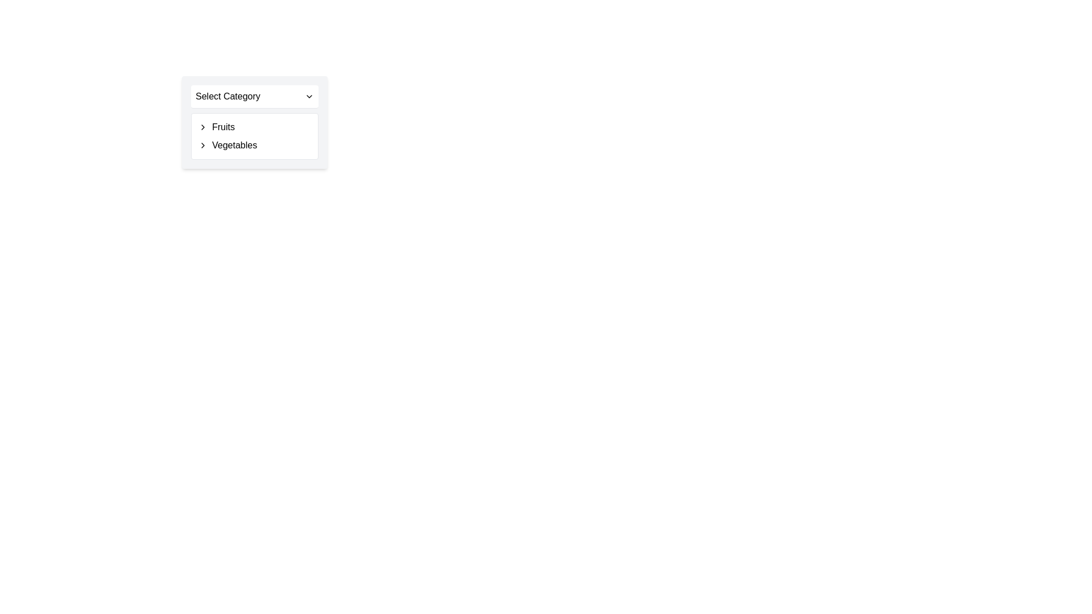 The width and height of the screenshot is (1092, 614). Describe the element at coordinates (202, 127) in the screenshot. I see `the Chevron Icon indicating expandable content next to the 'Fruits' text in the dropdown menu` at that location.